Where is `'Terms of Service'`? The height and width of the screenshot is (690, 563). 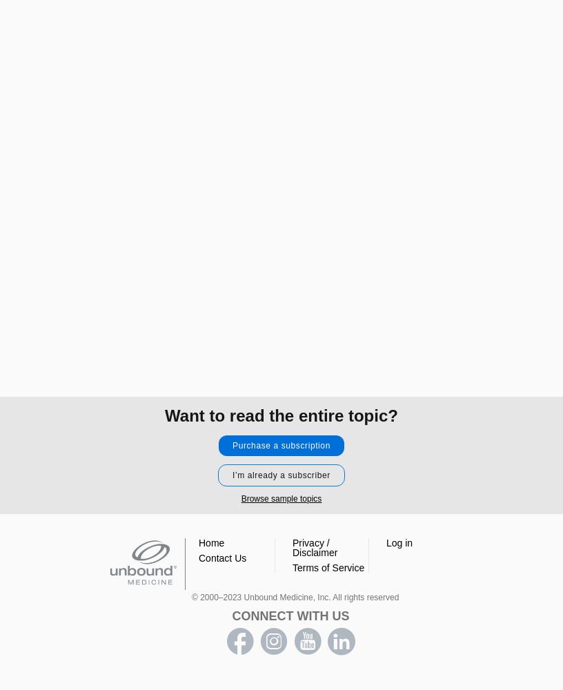
'Terms of Service' is located at coordinates (327, 567).